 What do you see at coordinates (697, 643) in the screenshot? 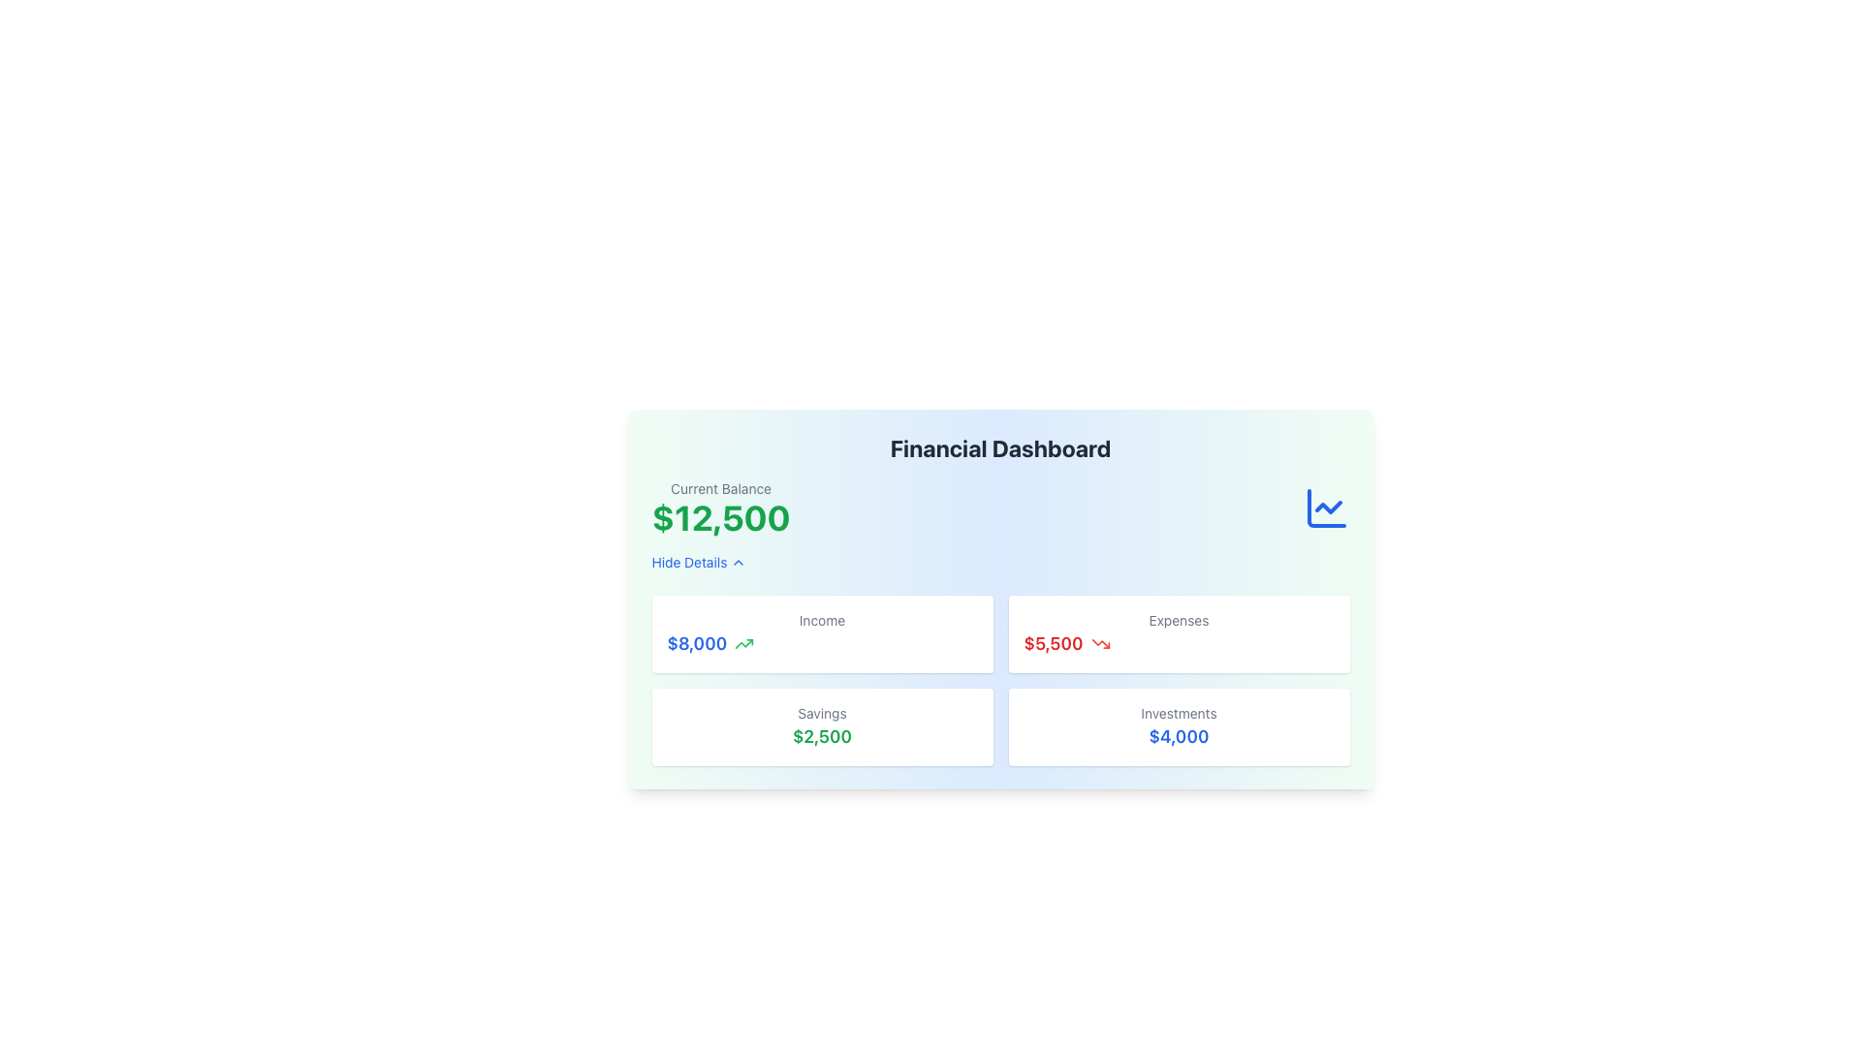
I see `the Text Label displaying '$8,000' in a large, bold blue font, which is located in the top-left corner of the financial data section within the 'Income' block` at bounding box center [697, 643].